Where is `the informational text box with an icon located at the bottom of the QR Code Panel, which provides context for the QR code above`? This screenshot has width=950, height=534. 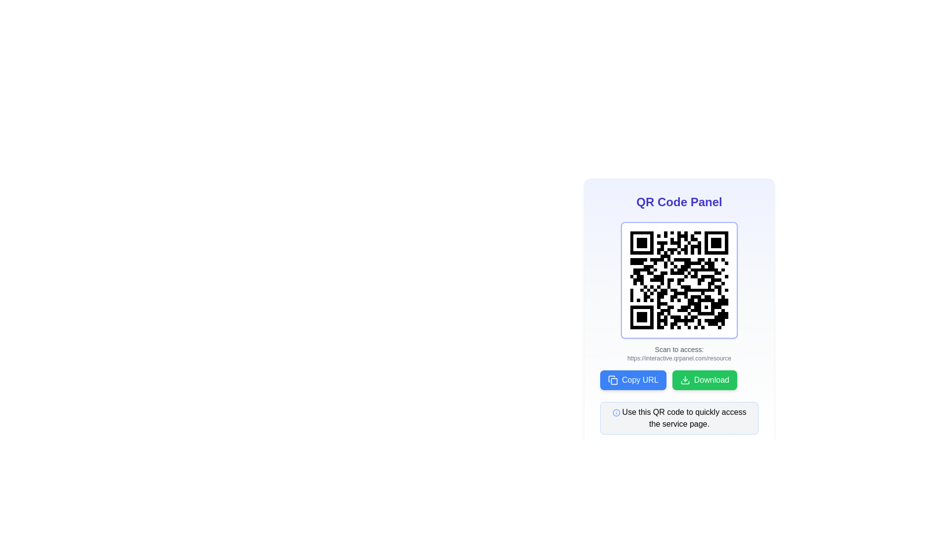
the informational text box with an icon located at the bottom of the QR Code Panel, which provides context for the QR code above is located at coordinates (678, 418).